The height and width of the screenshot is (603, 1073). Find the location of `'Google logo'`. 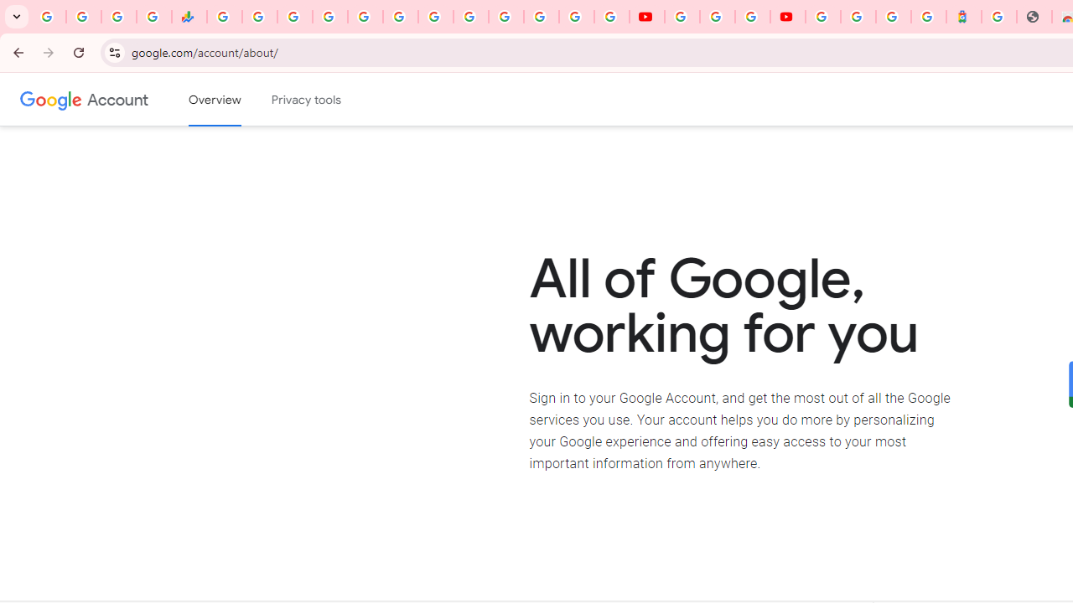

'Google logo' is located at coordinates (51, 99).